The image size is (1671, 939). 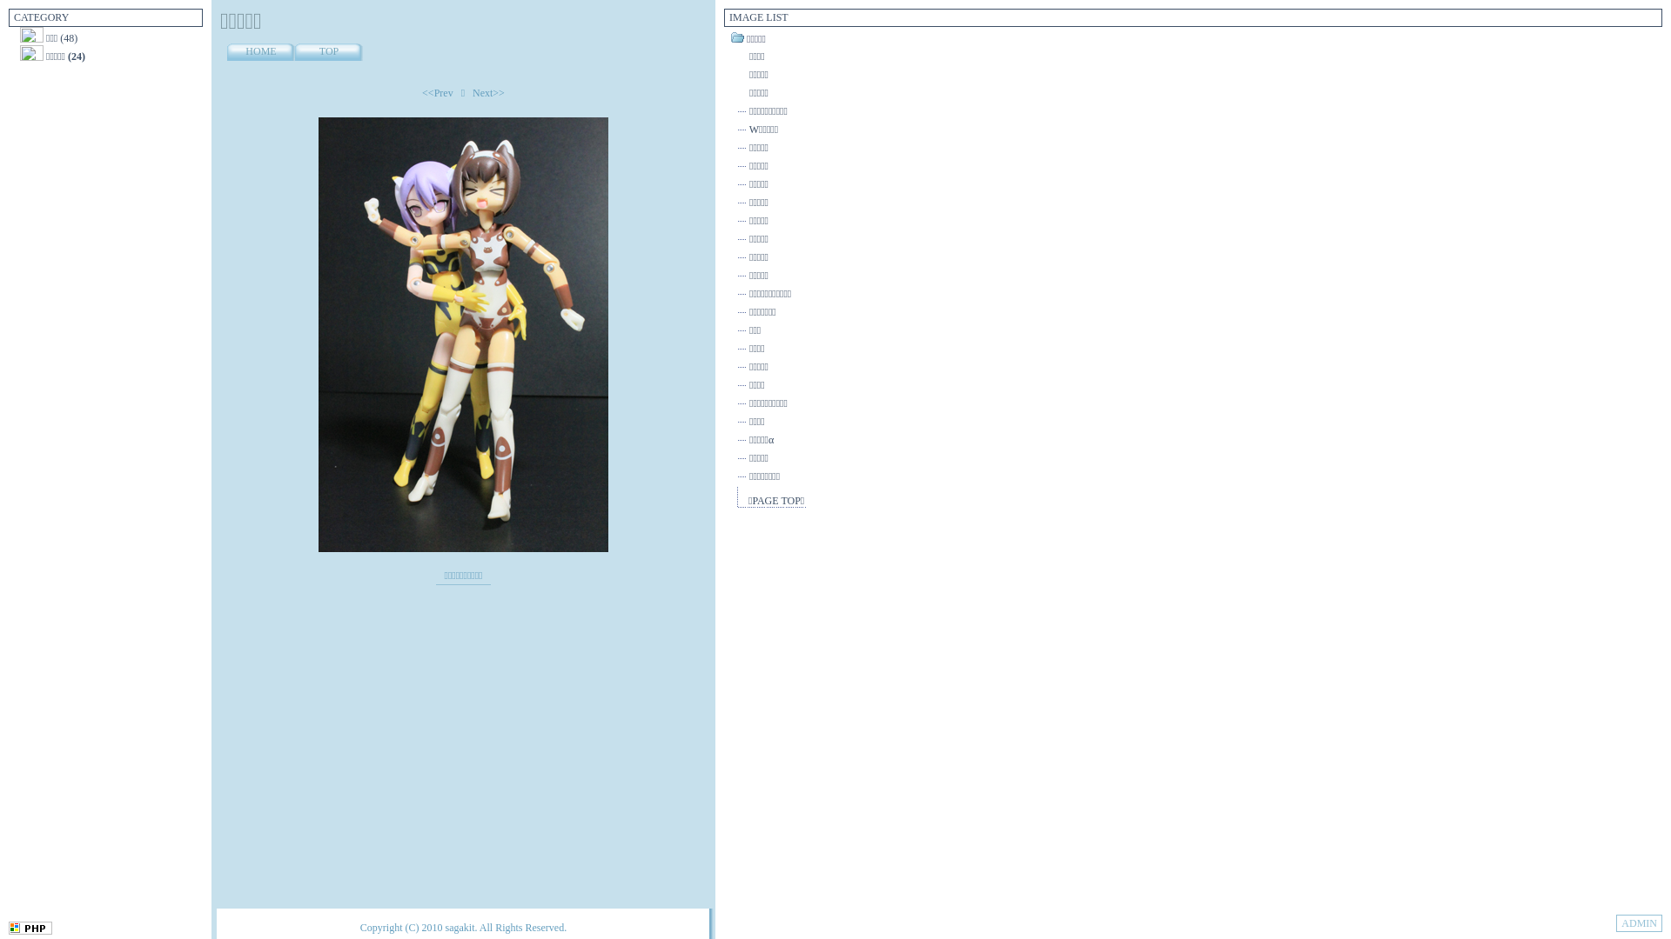 I want to click on 'HOME', so click(x=259, y=51).